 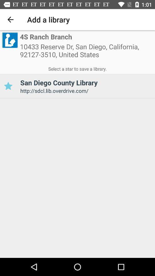 What do you see at coordinates (86, 52) in the screenshot?
I see `item below 4s ranch branch` at bounding box center [86, 52].